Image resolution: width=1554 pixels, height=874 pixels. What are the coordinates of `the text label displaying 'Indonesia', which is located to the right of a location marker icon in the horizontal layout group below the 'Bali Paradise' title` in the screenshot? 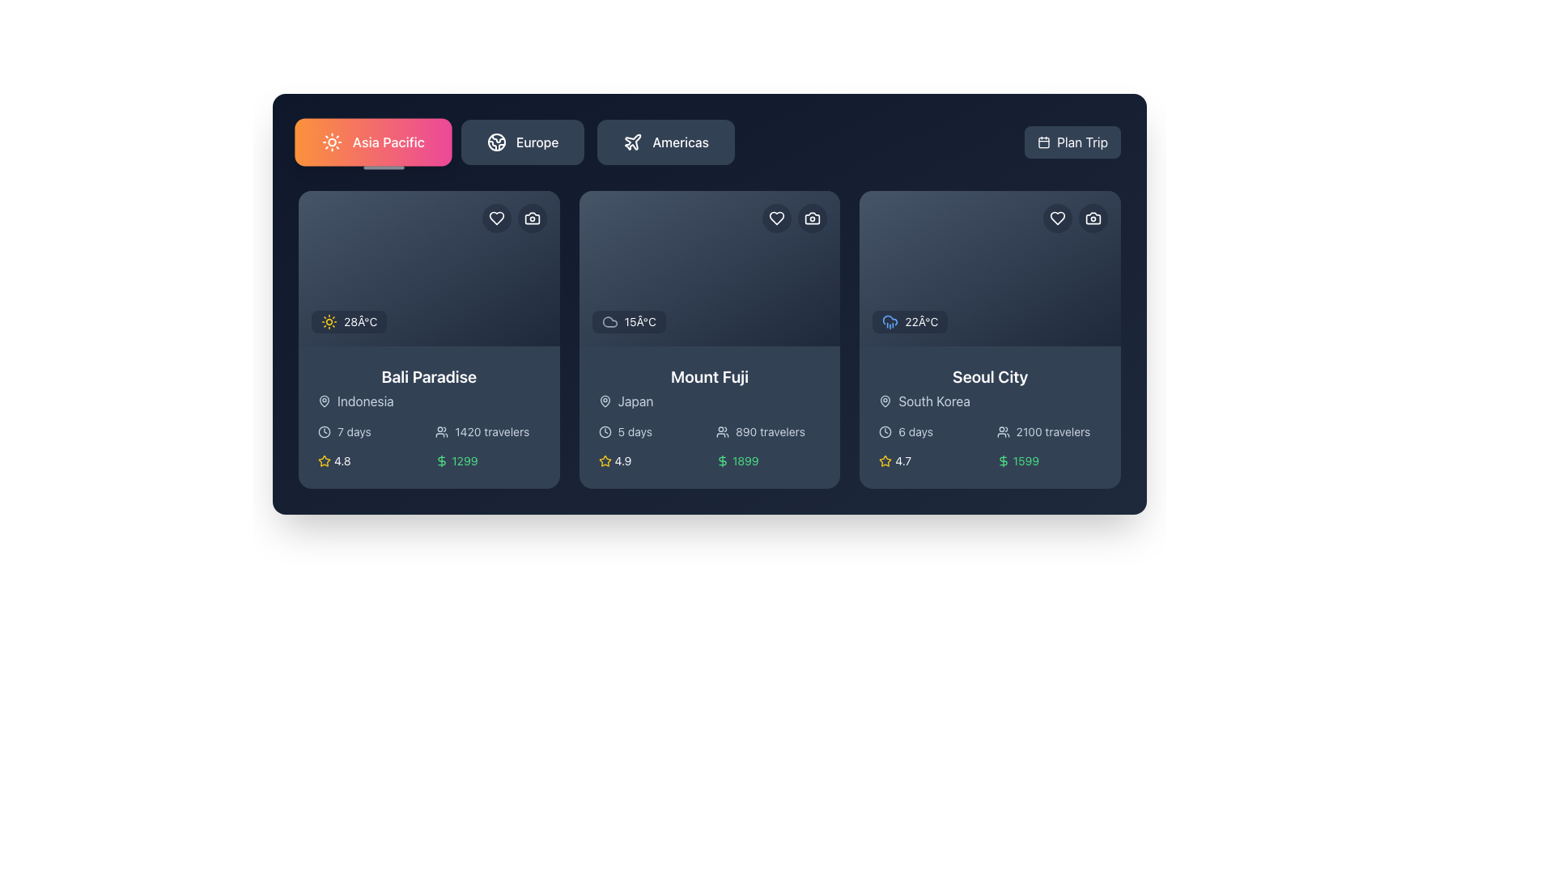 It's located at (364, 401).